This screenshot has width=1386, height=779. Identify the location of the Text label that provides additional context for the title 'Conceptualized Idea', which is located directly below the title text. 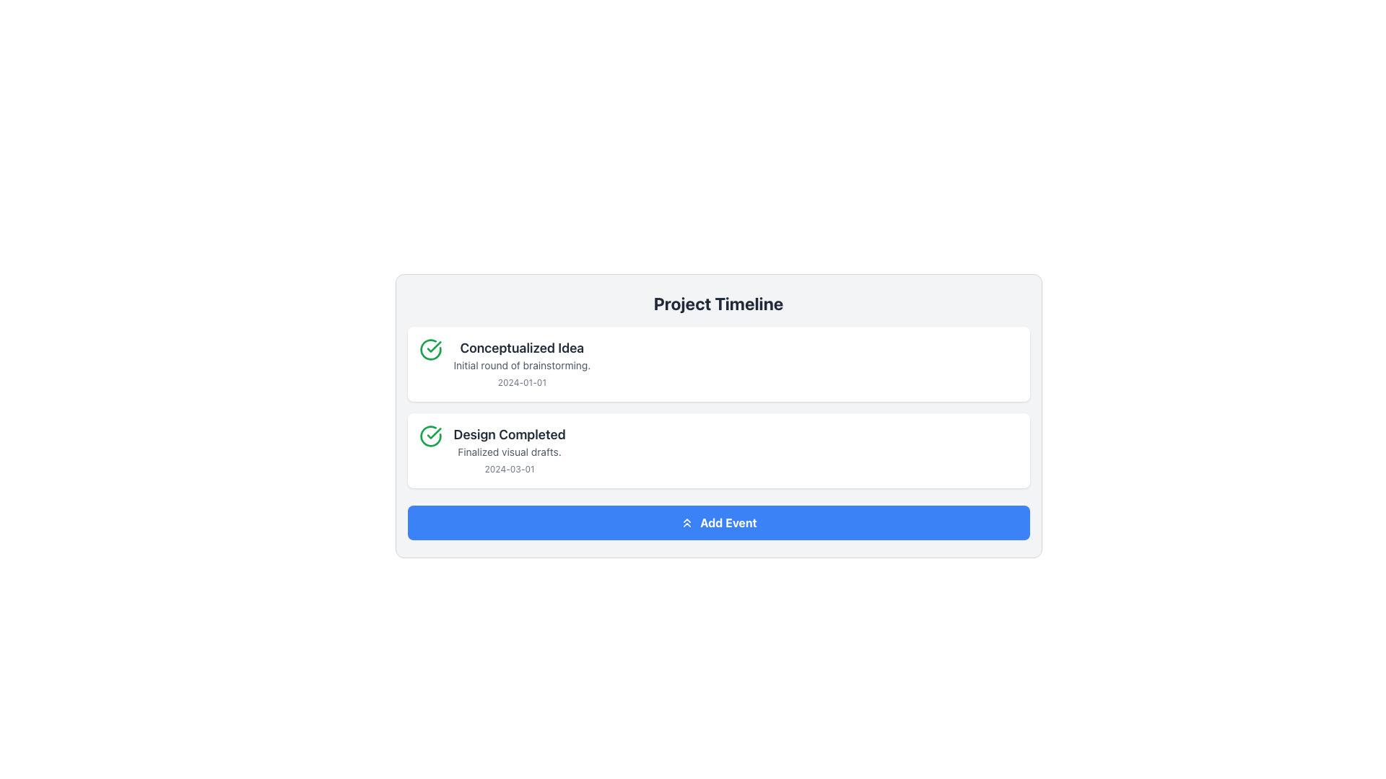
(521, 364).